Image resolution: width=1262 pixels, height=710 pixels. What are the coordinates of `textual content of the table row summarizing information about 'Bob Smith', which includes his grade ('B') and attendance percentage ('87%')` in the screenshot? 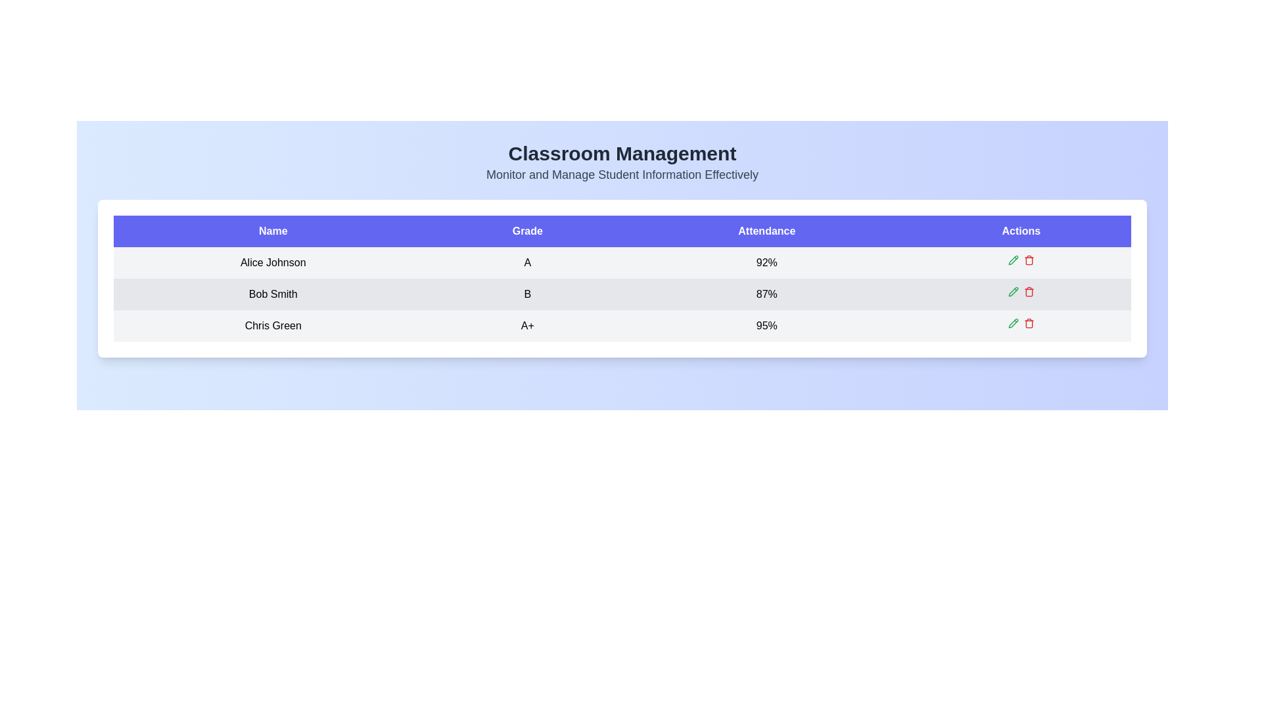 It's located at (621, 293).